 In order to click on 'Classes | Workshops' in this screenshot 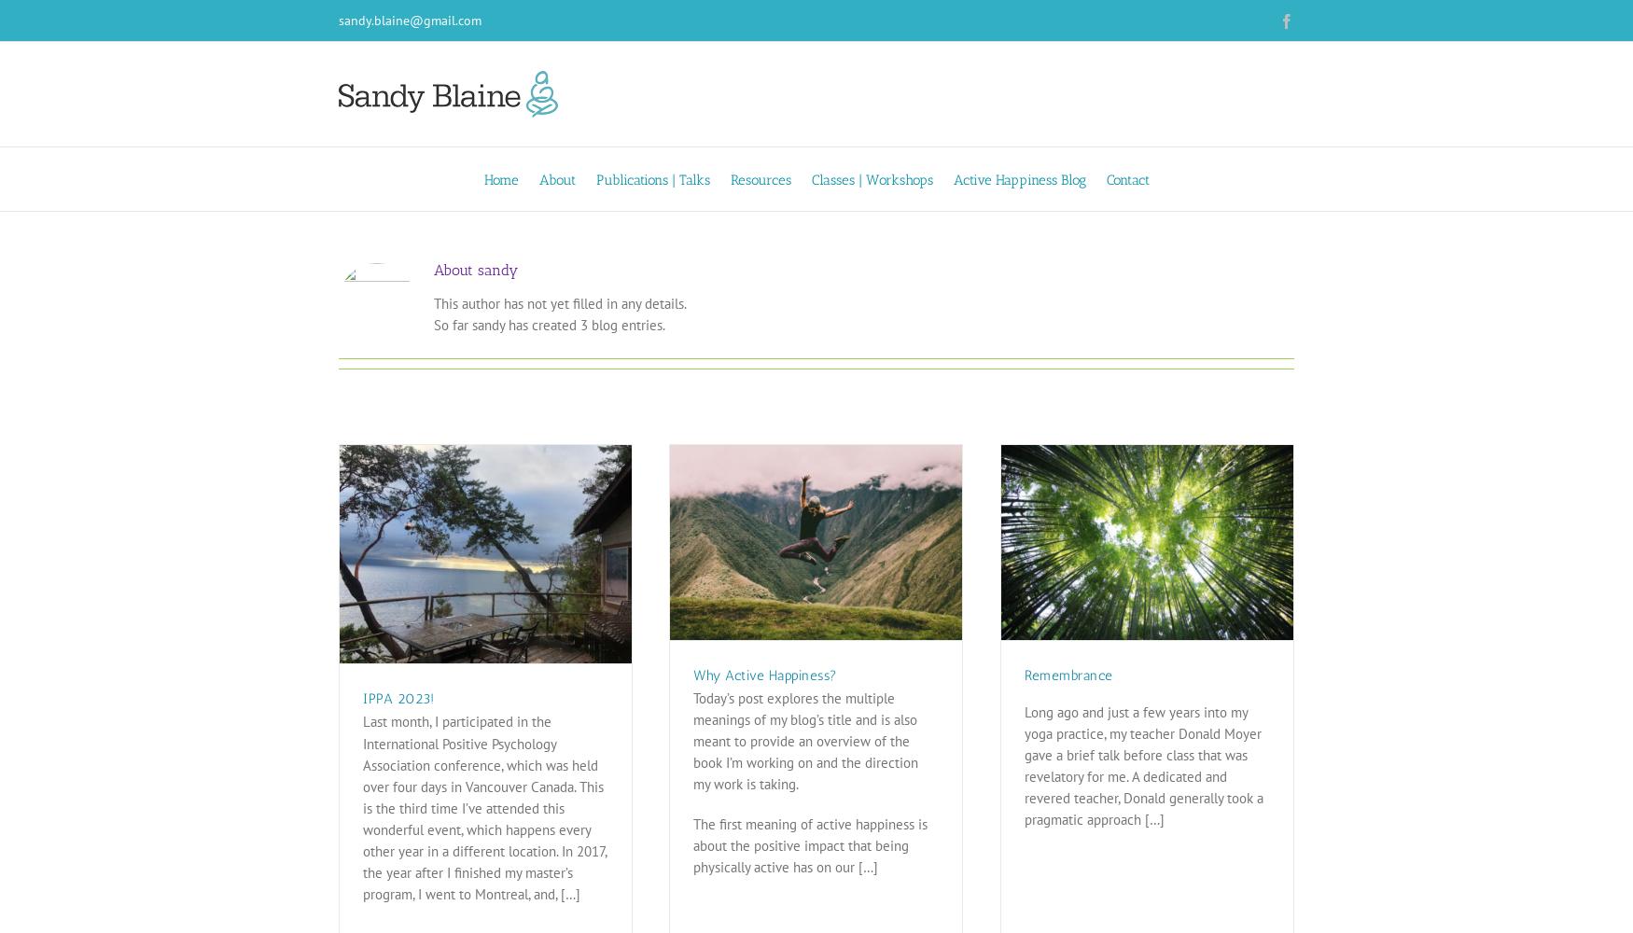, I will do `click(811, 179)`.